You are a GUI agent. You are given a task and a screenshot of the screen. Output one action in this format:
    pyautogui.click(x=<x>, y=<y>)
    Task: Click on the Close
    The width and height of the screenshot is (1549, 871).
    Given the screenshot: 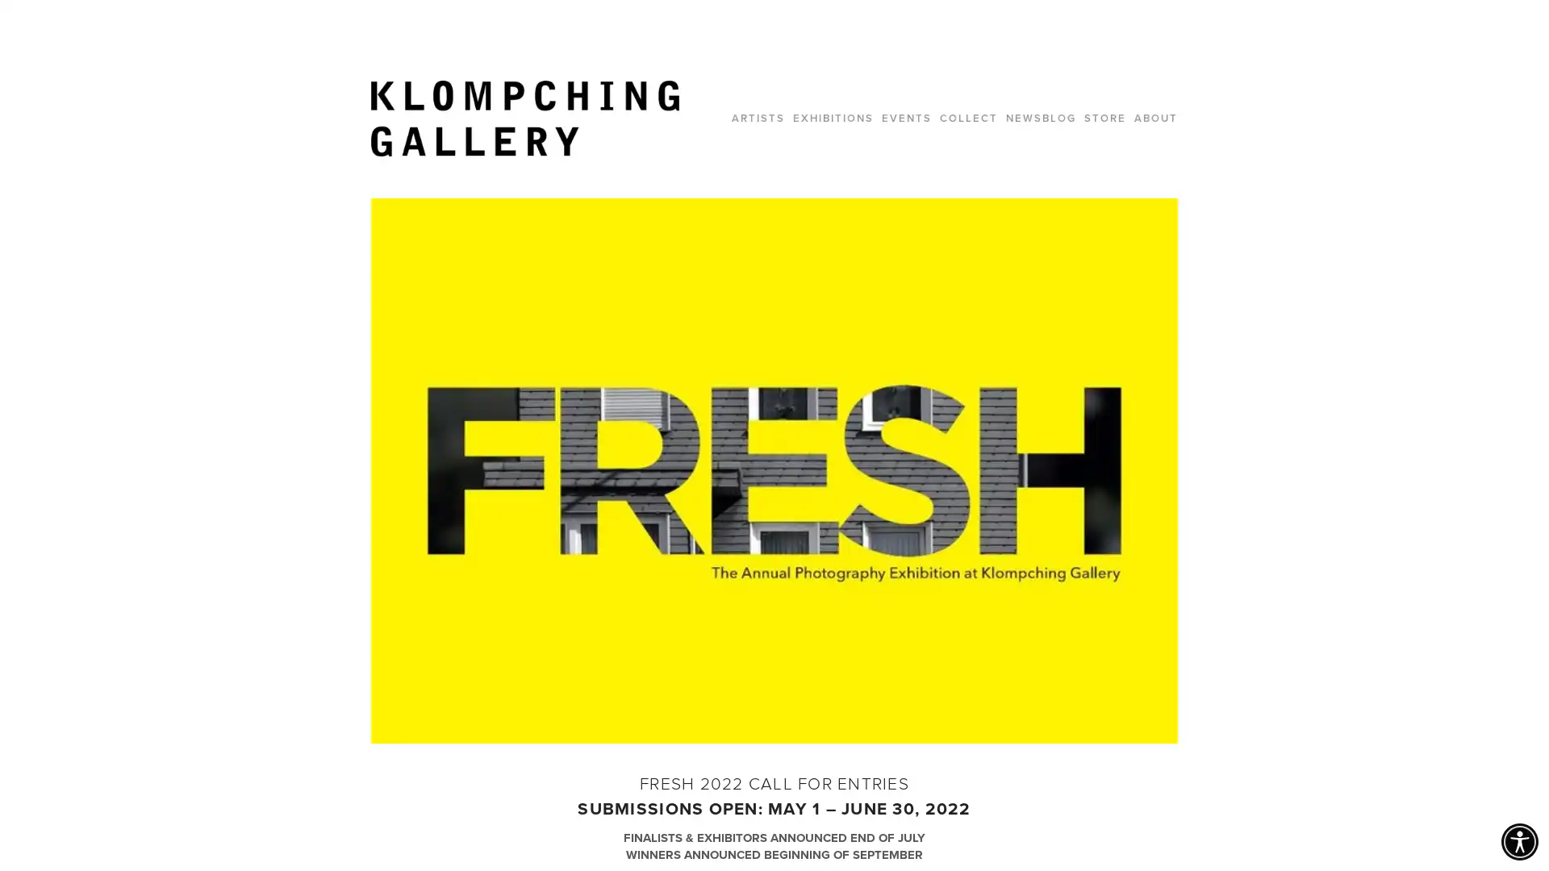 What is the action you would take?
    pyautogui.click(x=1058, y=248)
    